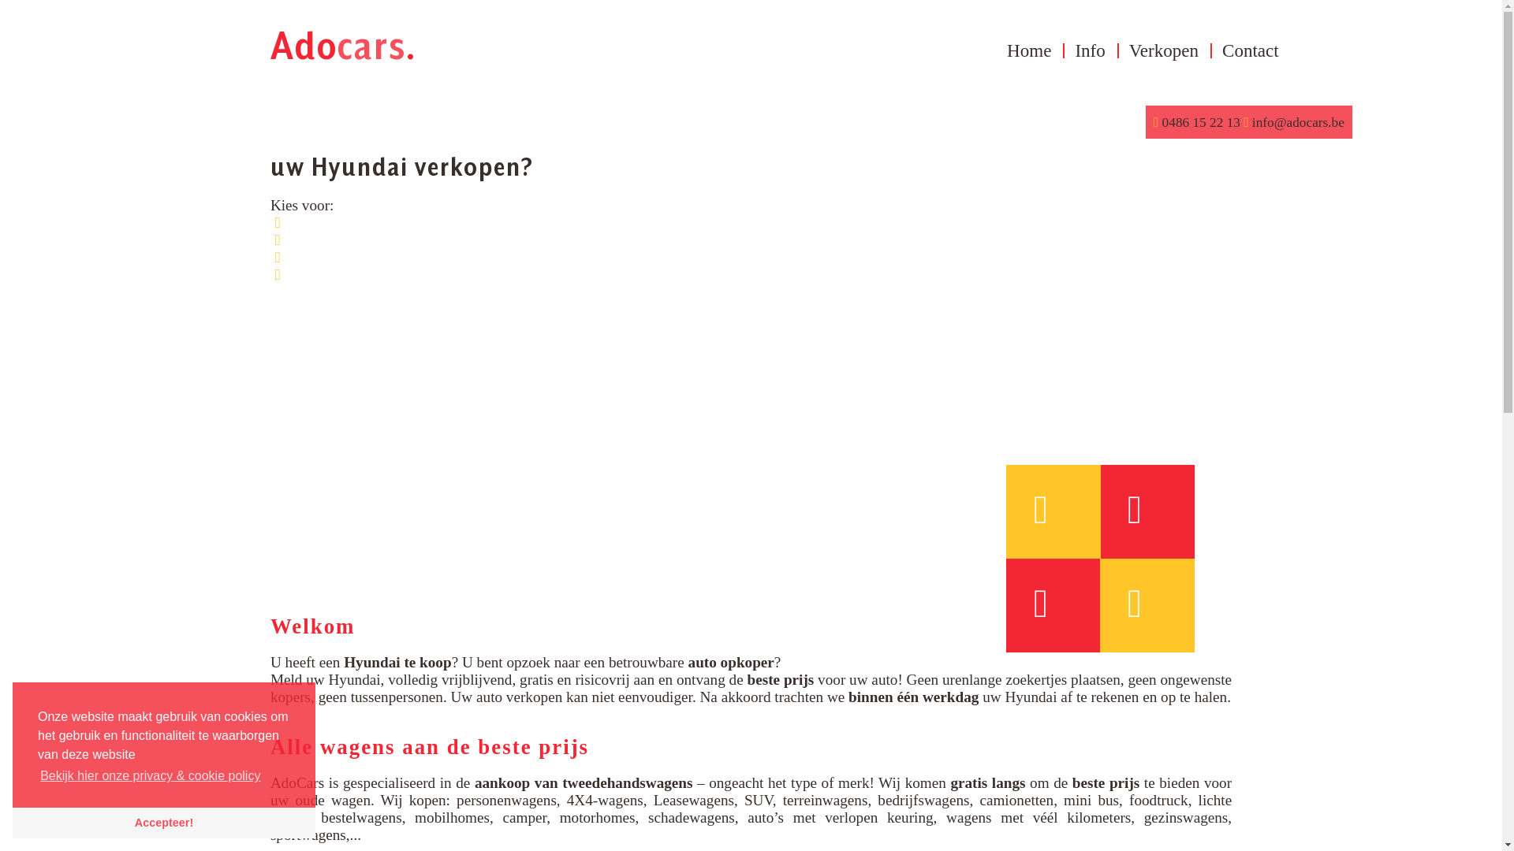 The image size is (1514, 851). I want to click on 'auto opkoper', so click(730, 662).